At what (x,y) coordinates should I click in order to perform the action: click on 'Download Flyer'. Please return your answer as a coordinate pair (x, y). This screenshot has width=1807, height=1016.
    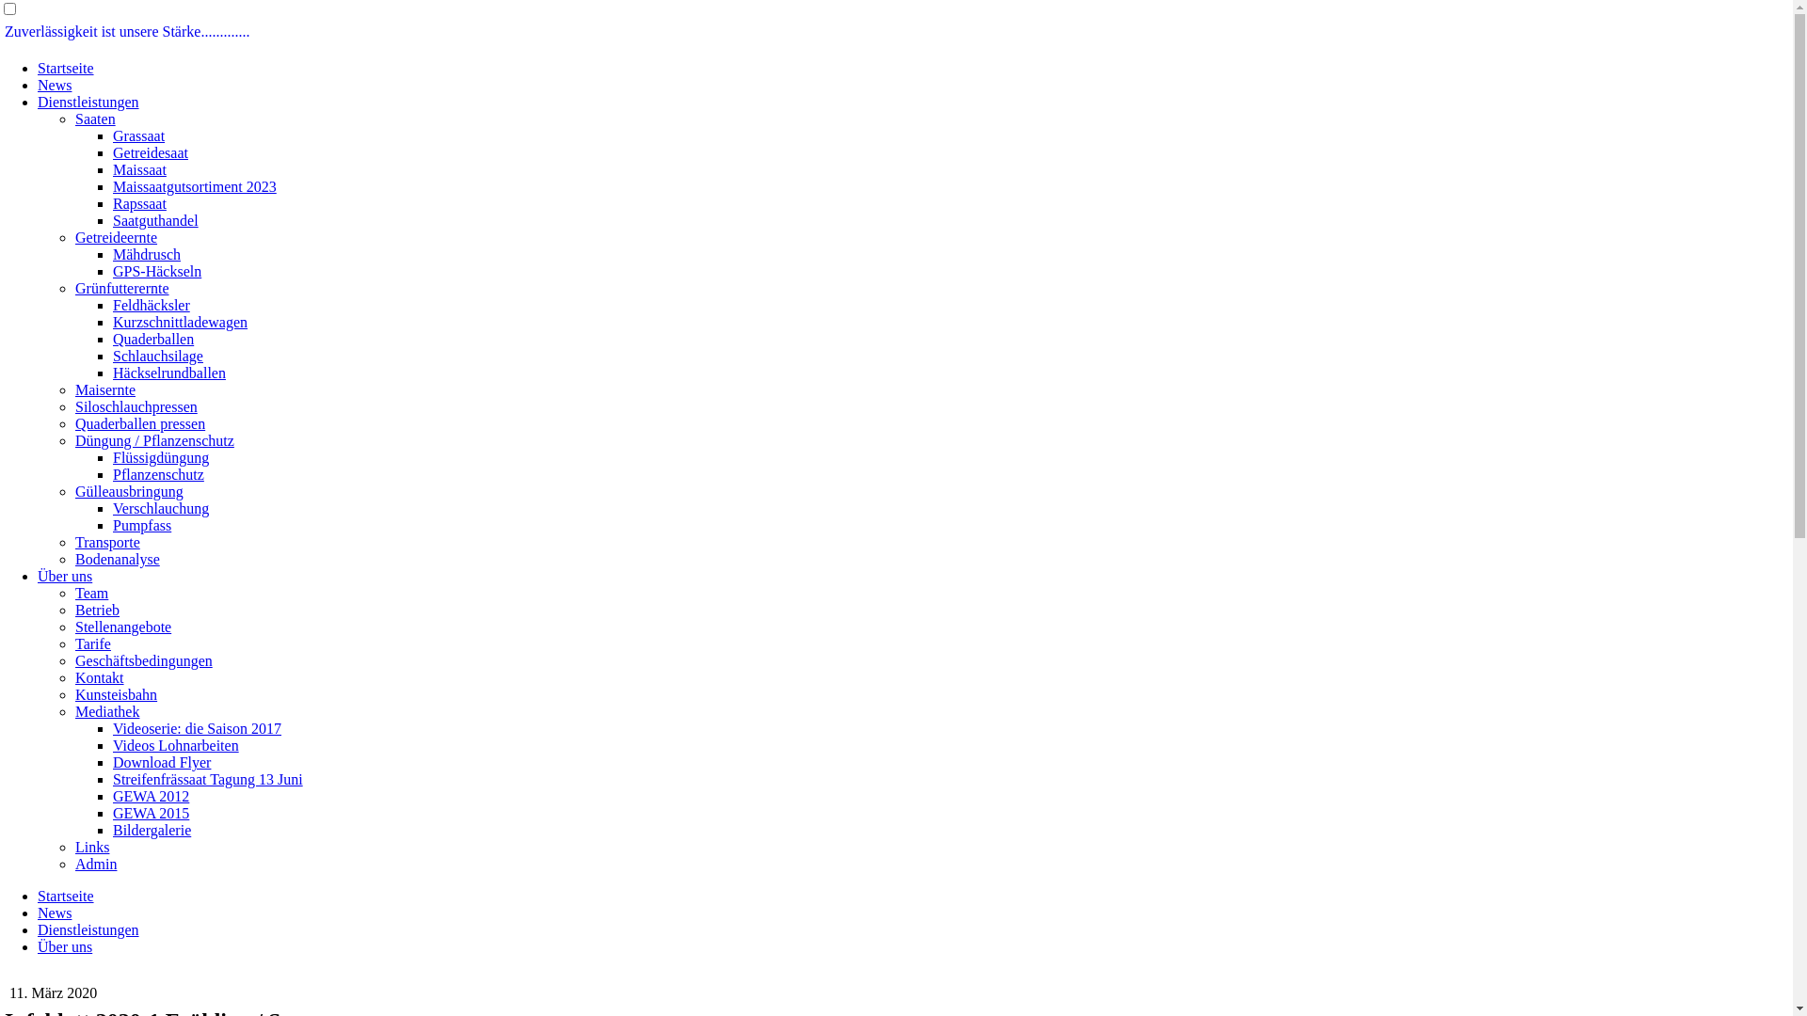
    Looking at the image, I should click on (112, 762).